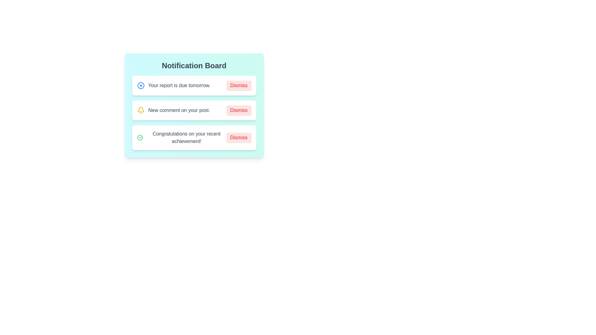  Describe the element at coordinates (238, 86) in the screenshot. I see `'Dismiss' button for the notification with the message 'Your report is due tomorrow.'` at that location.